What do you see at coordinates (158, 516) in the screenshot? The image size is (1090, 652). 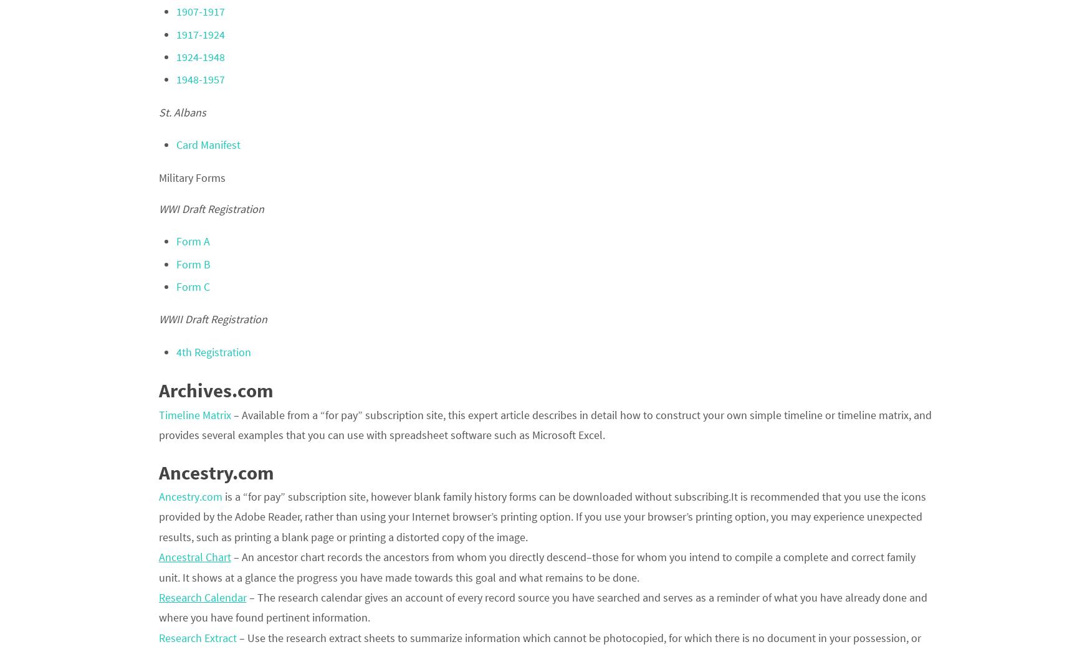 I see `'is a “for pay” subscription site, however blank family history forms can be downloaded without subscribing.It is recommended that you use the icons provided by the Adobe Reader, rather than using your Internet browser’s printing option. If you use your browser’s printing option, you may experience unexpected results, such as printing a blank page or printing a distorted copy of the image.'` at bounding box center [158, 516].